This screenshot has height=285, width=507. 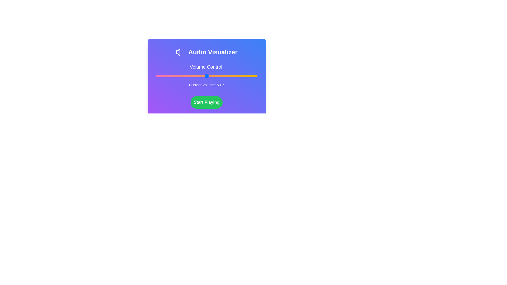 I want to click on the 'Start Playing' button with a green background and white bold font located at the bottom-center of the 'Audio Visualizer' interface for accessibility navigation, so click(x=206, y=102).